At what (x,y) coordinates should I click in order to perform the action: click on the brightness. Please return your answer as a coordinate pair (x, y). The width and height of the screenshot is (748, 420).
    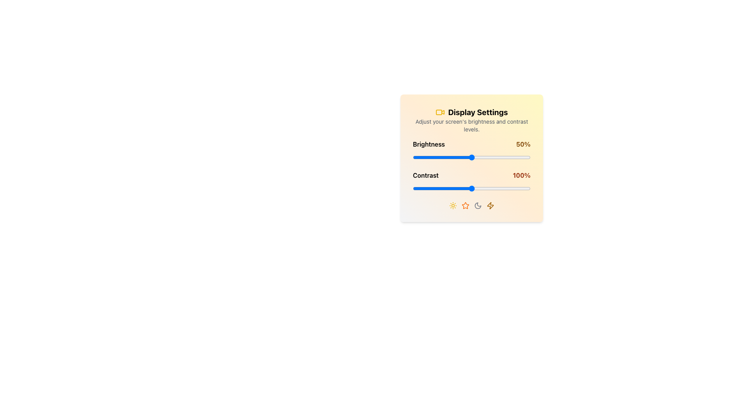
    Looking at the image, I should click on (496, 157).